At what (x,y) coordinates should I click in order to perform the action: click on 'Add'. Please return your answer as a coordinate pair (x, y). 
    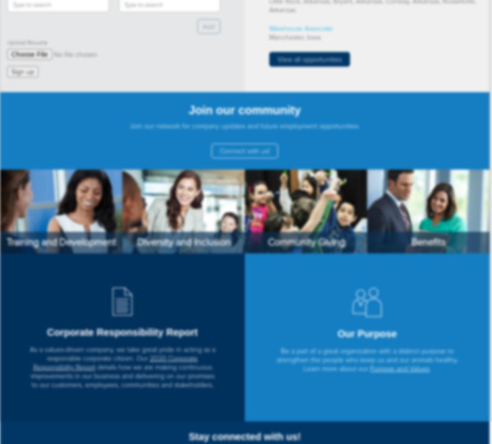
    Looking at the image, I should click on (209, 26).